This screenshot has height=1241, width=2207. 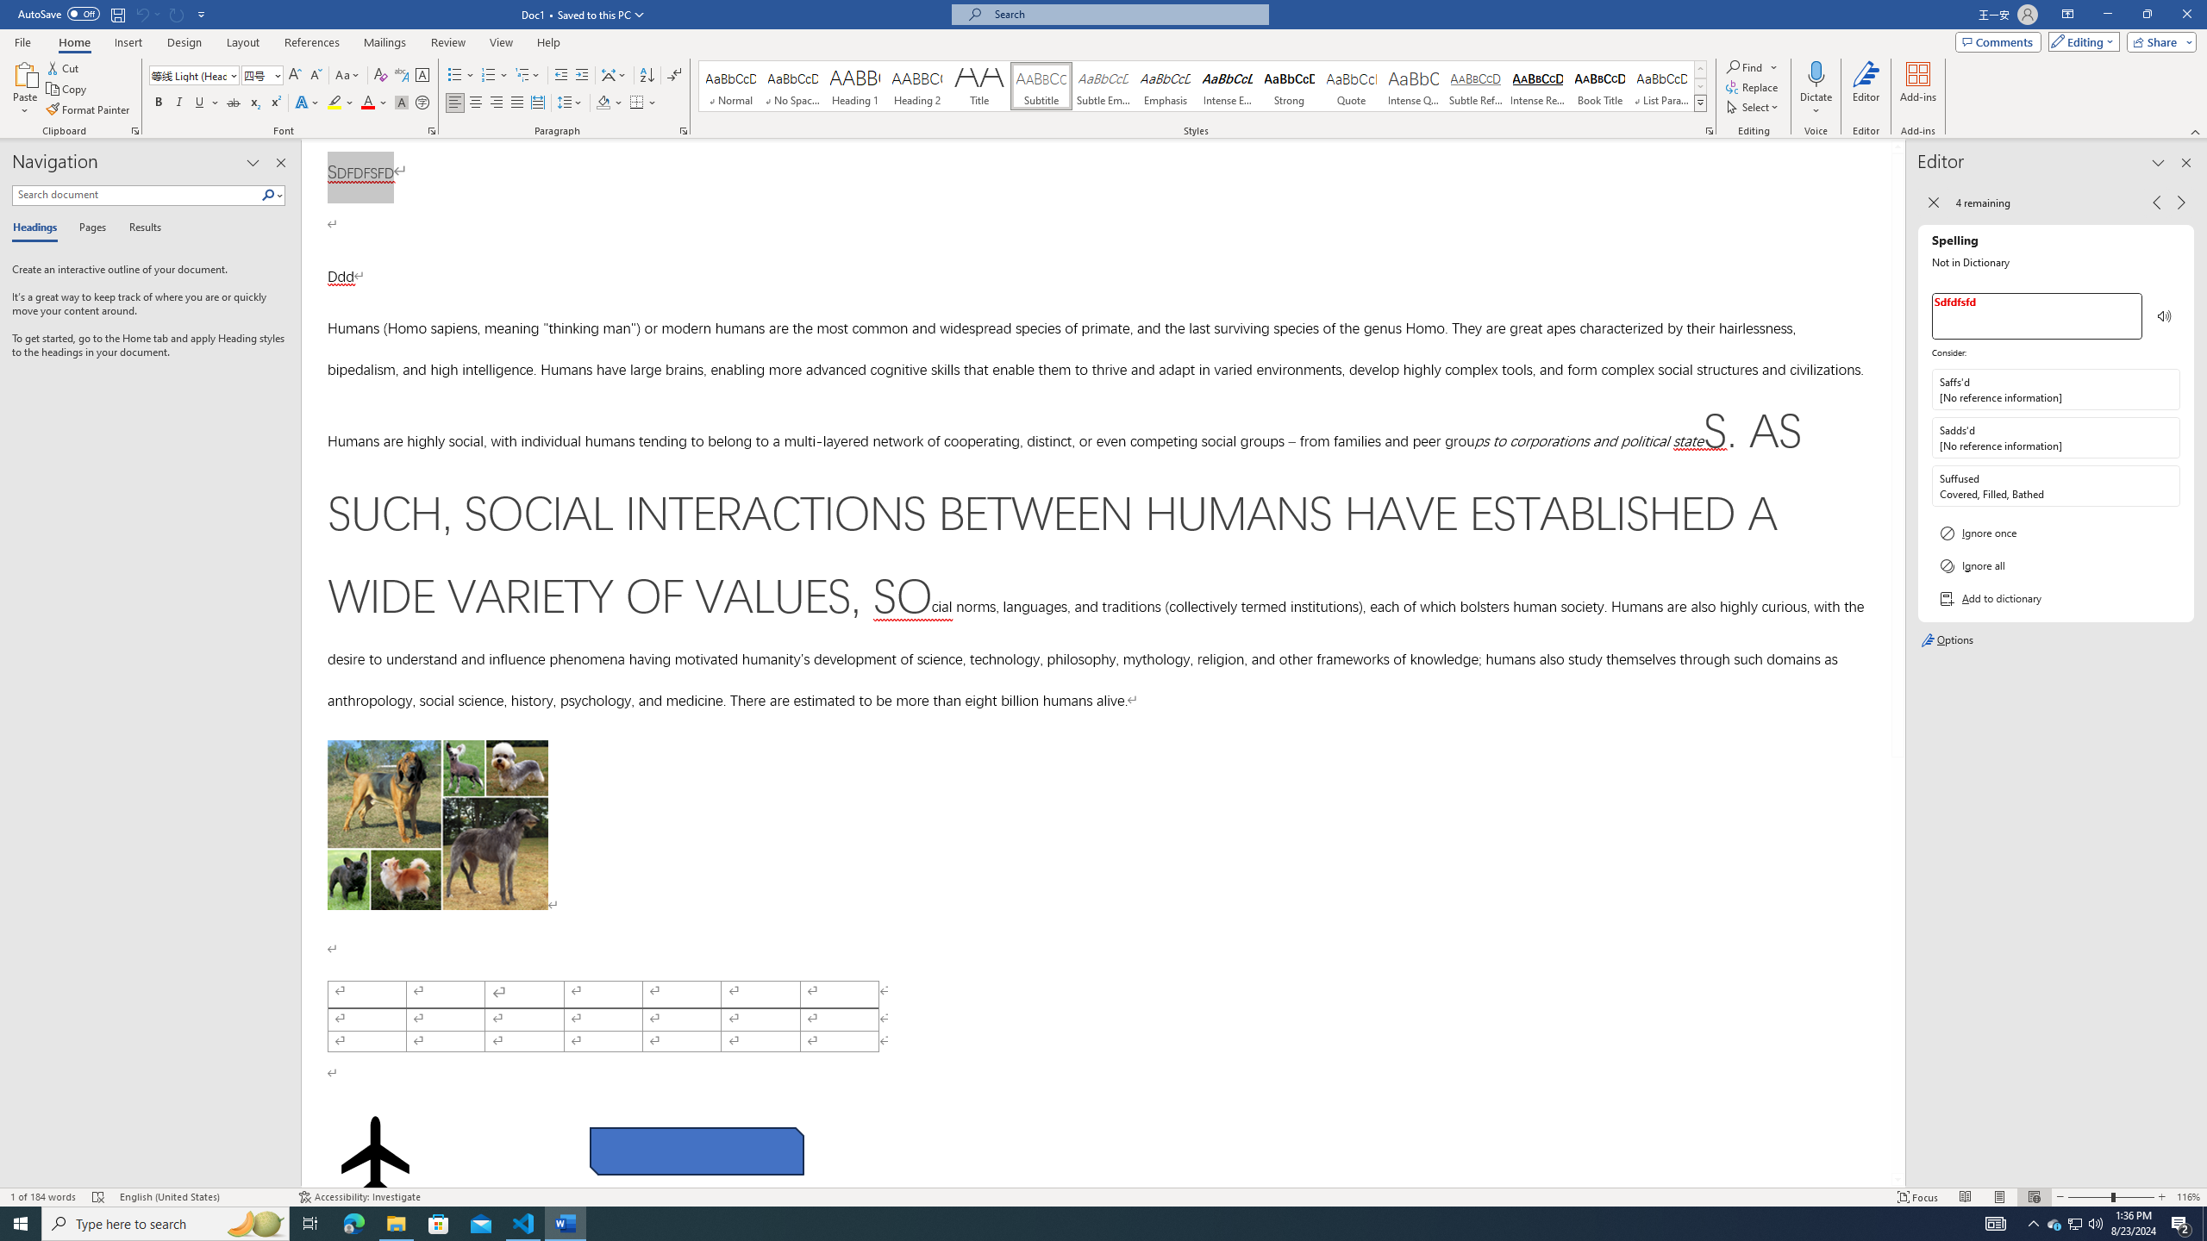 I want to click on 'Styles', so click(x=1700, y=102).